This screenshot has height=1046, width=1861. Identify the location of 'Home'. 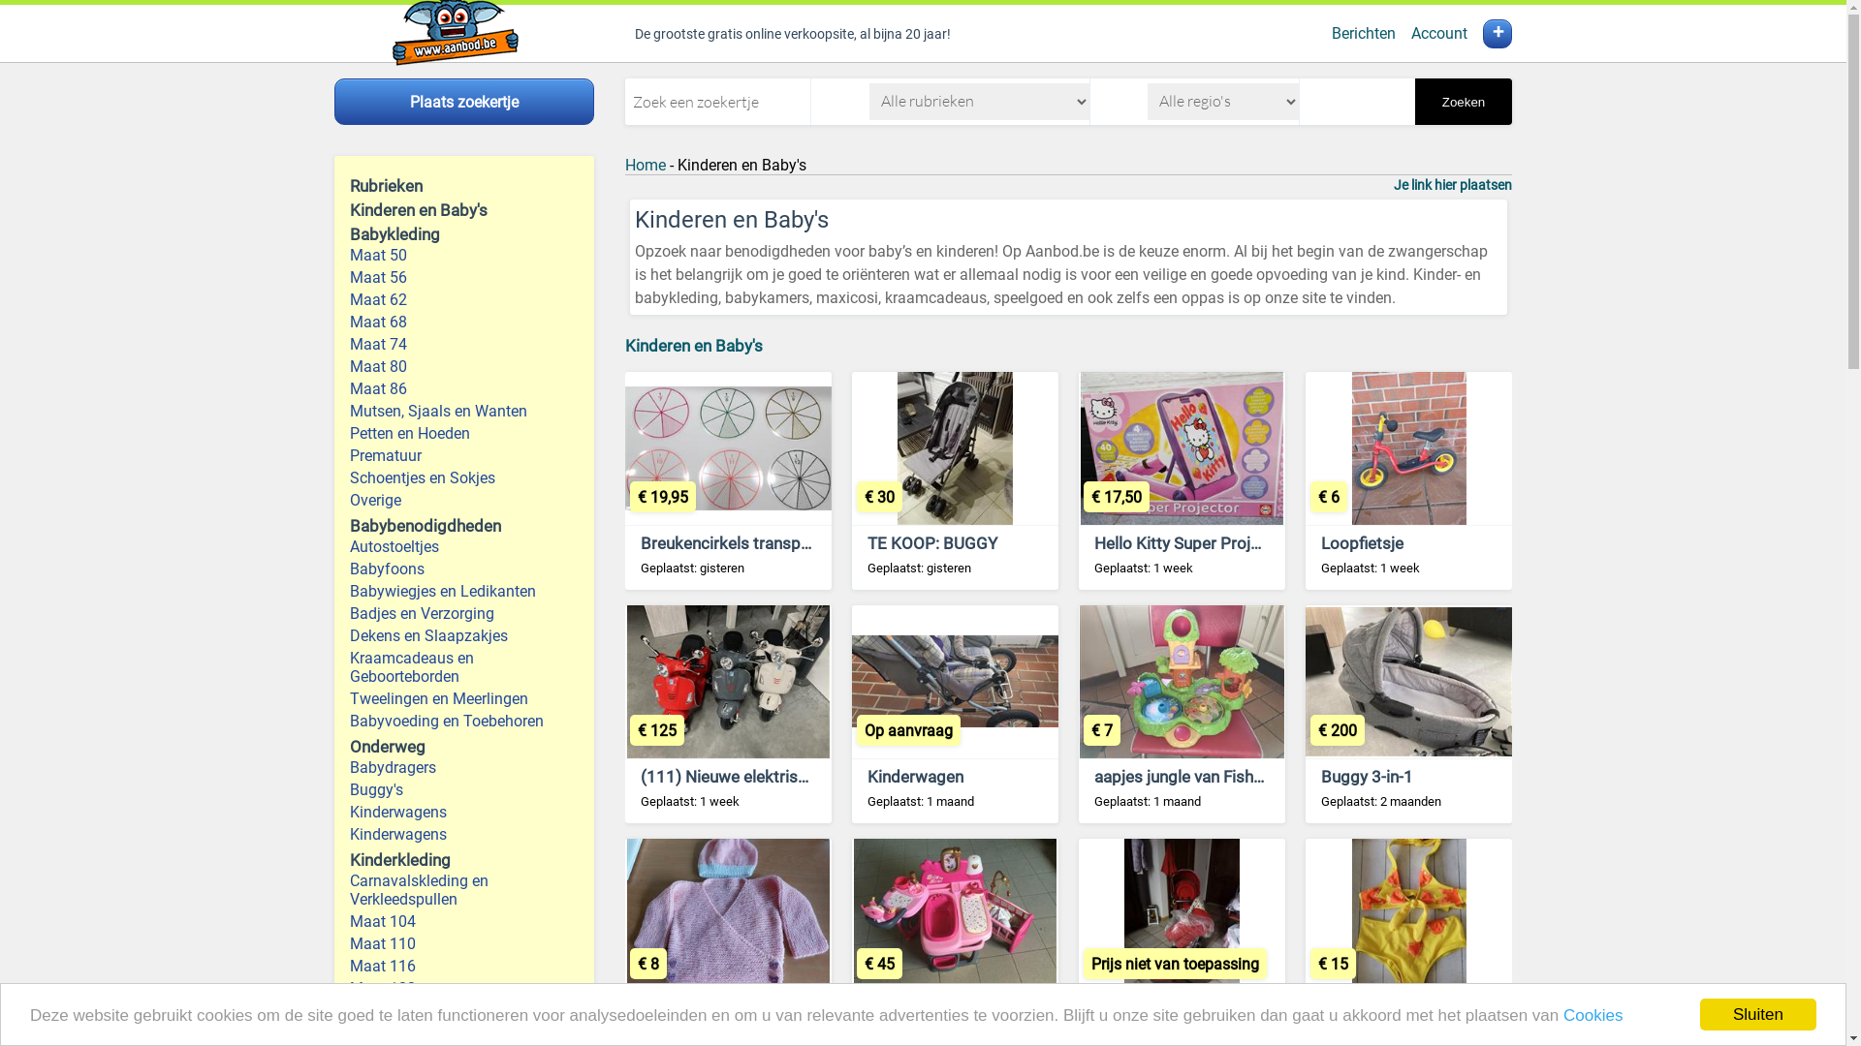
(624, 164).